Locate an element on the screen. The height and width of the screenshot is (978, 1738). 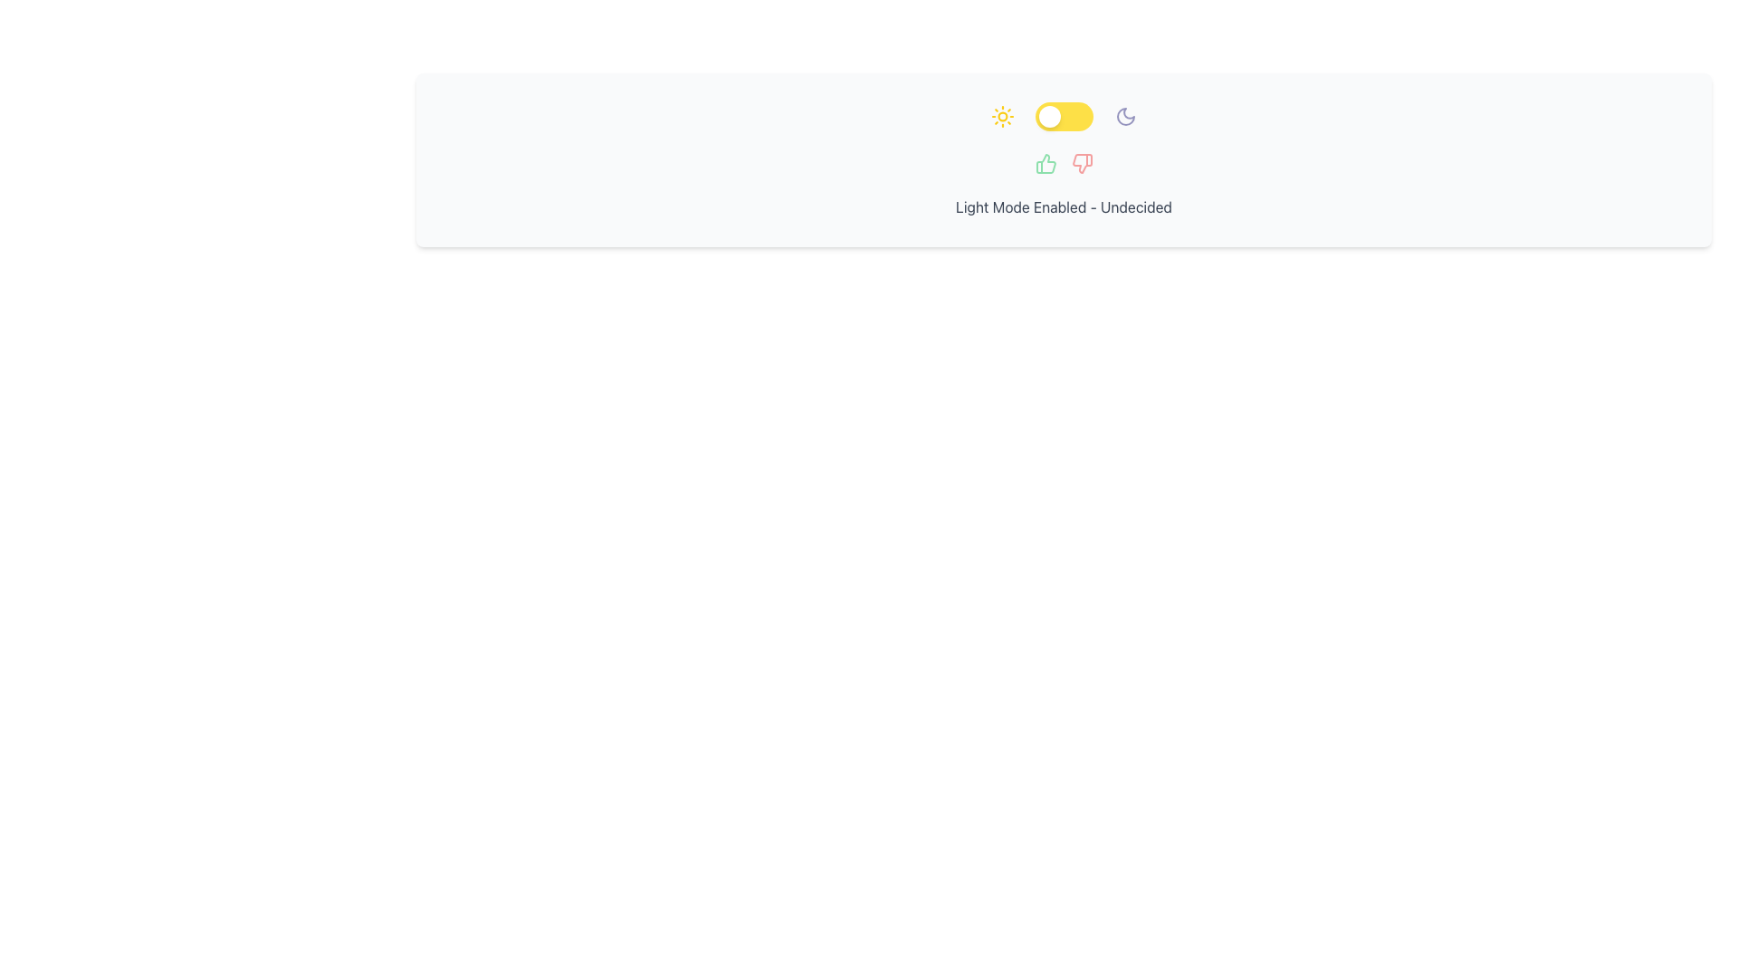
the central circular part of the sun icon, which serves as a decorative element in the light mode toggle feature is located at coordinates (1001, 116).